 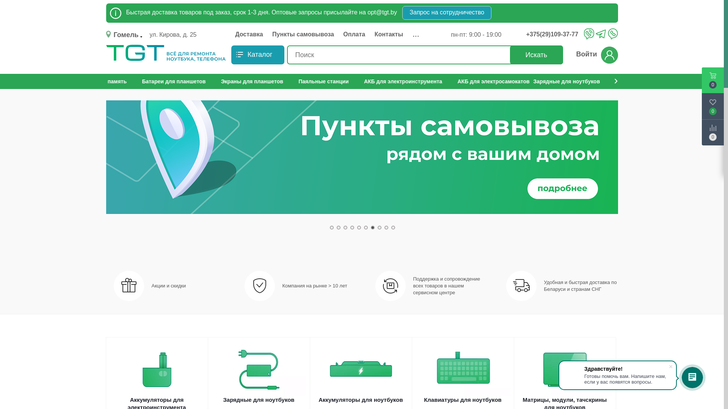 I want to click on '2', so click(x=338, y=227).